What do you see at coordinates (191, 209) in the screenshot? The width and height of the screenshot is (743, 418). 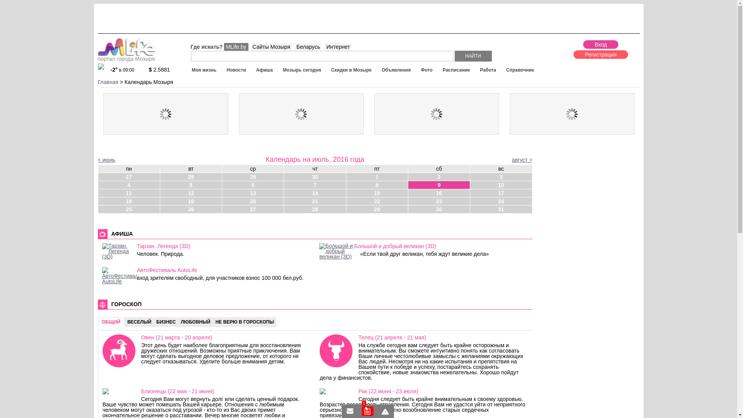 I see `'26'` at bounding box center [191, 209].